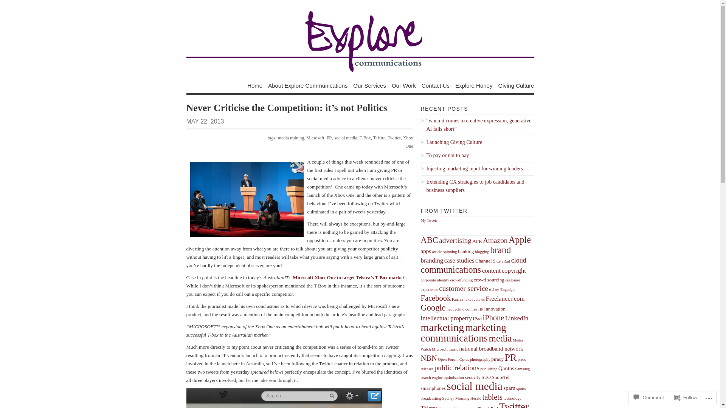  I want to click on 'copyright', so click(513, 270).